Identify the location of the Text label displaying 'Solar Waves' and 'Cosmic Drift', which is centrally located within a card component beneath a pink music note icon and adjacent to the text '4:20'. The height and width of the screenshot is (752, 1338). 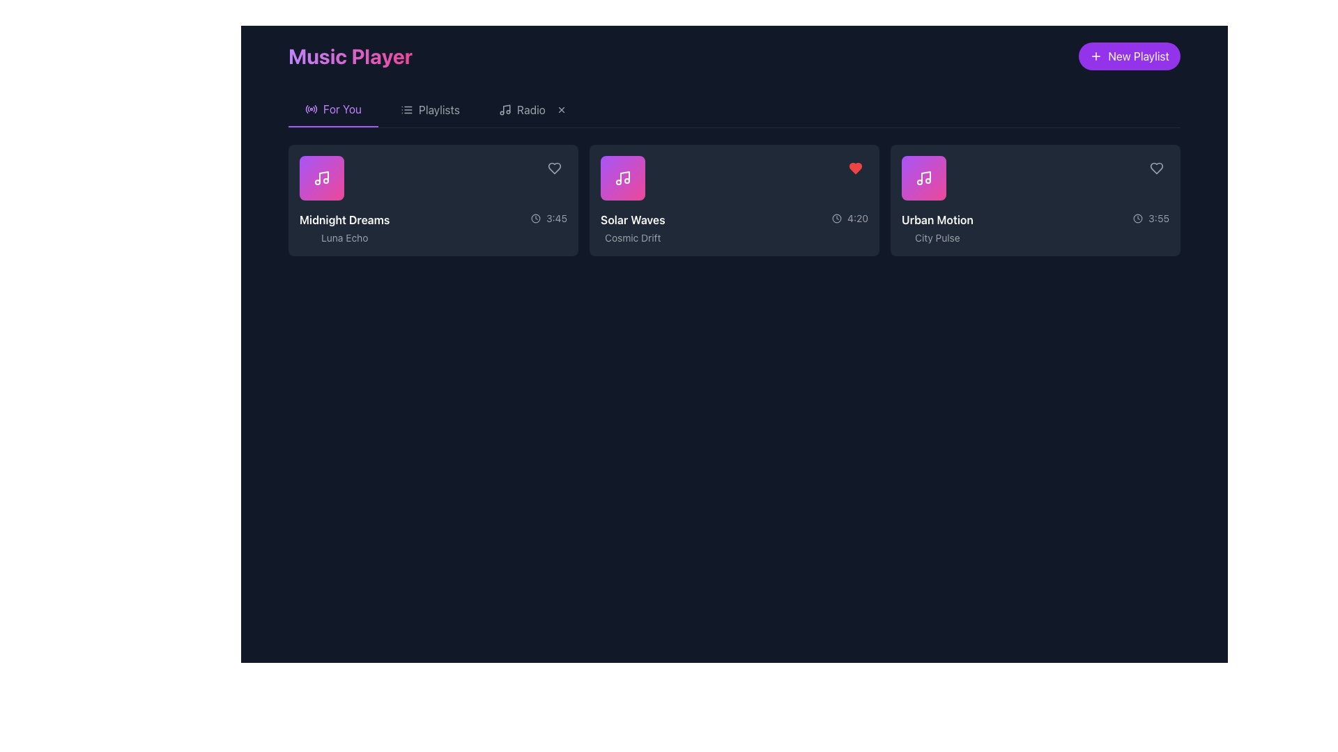
(632, 227).